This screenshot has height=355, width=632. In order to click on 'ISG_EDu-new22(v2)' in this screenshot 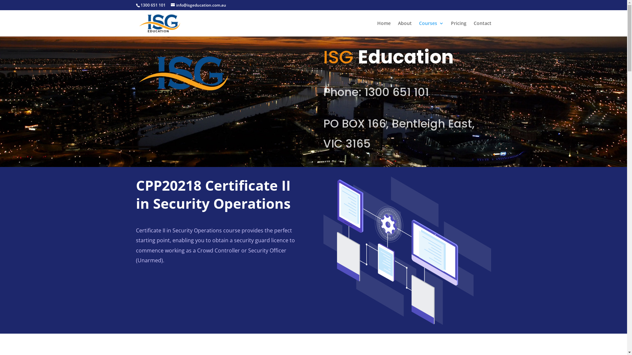, I will do `click(183, 76)`.